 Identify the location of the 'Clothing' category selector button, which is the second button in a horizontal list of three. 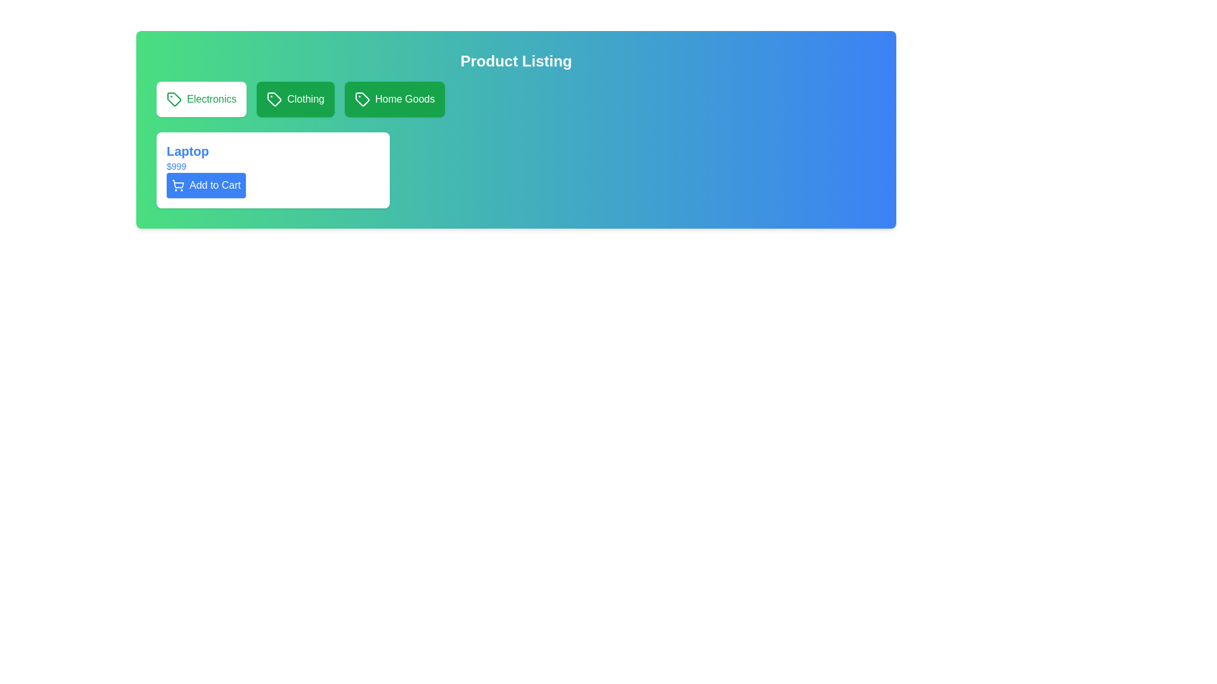
(295, 99).